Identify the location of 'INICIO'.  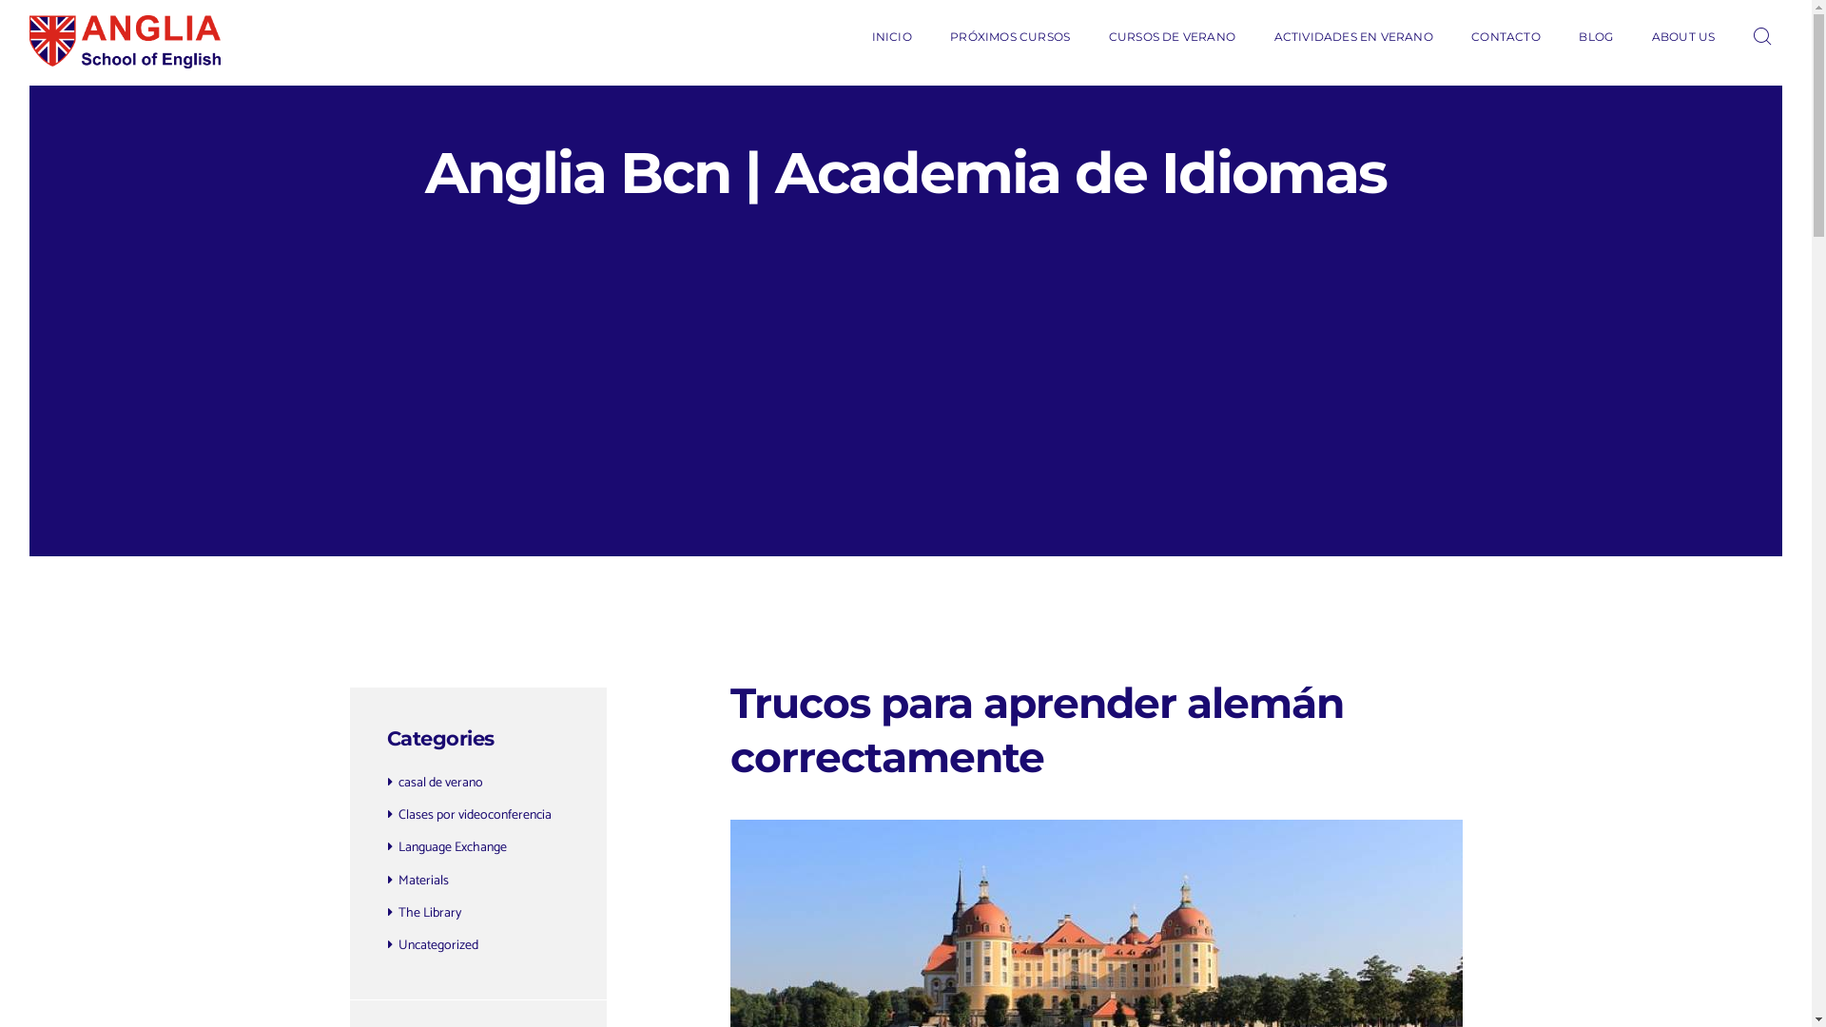
(890, 36).